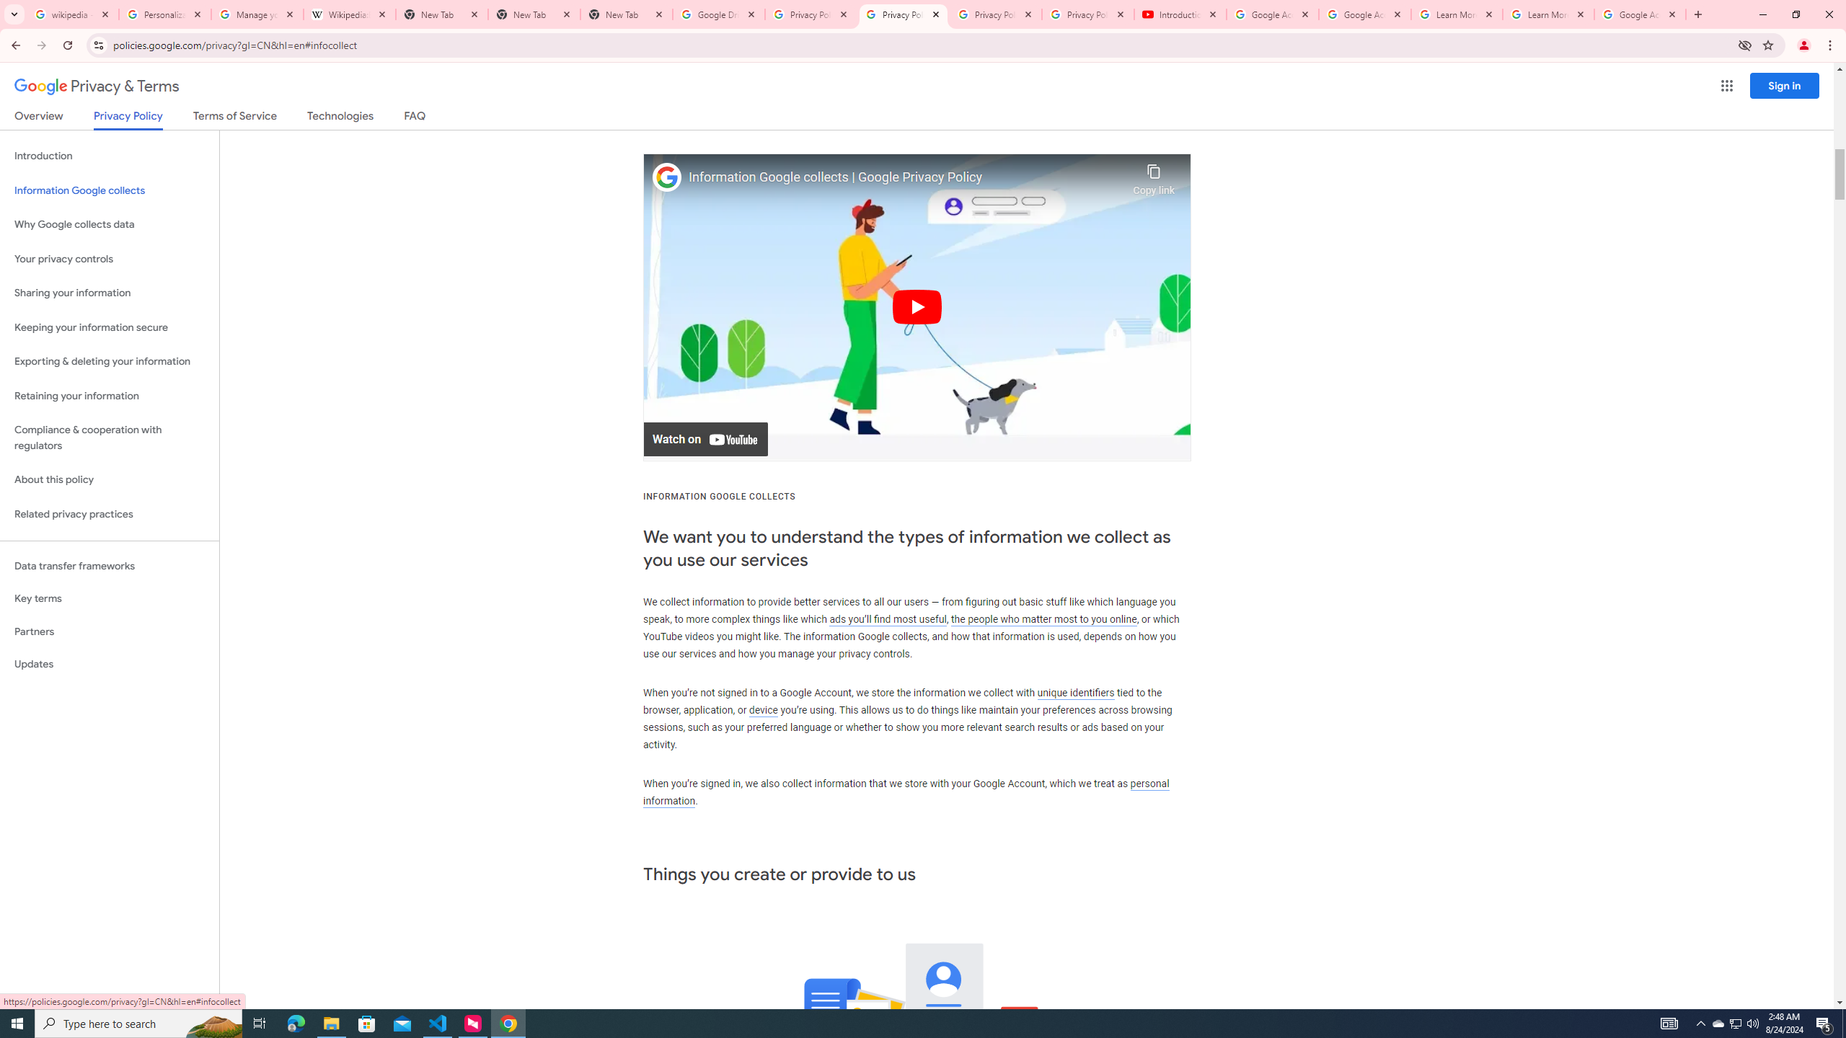  I want to click on 'Play', so click(917, 306).